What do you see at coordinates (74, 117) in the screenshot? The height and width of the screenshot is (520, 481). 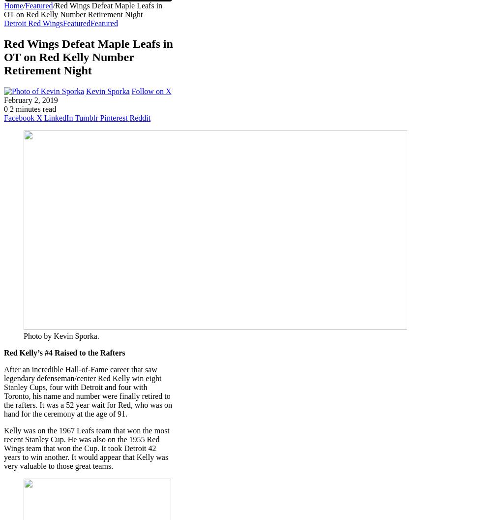 I see `'Tumblr'` at bounding box center [74, 117].